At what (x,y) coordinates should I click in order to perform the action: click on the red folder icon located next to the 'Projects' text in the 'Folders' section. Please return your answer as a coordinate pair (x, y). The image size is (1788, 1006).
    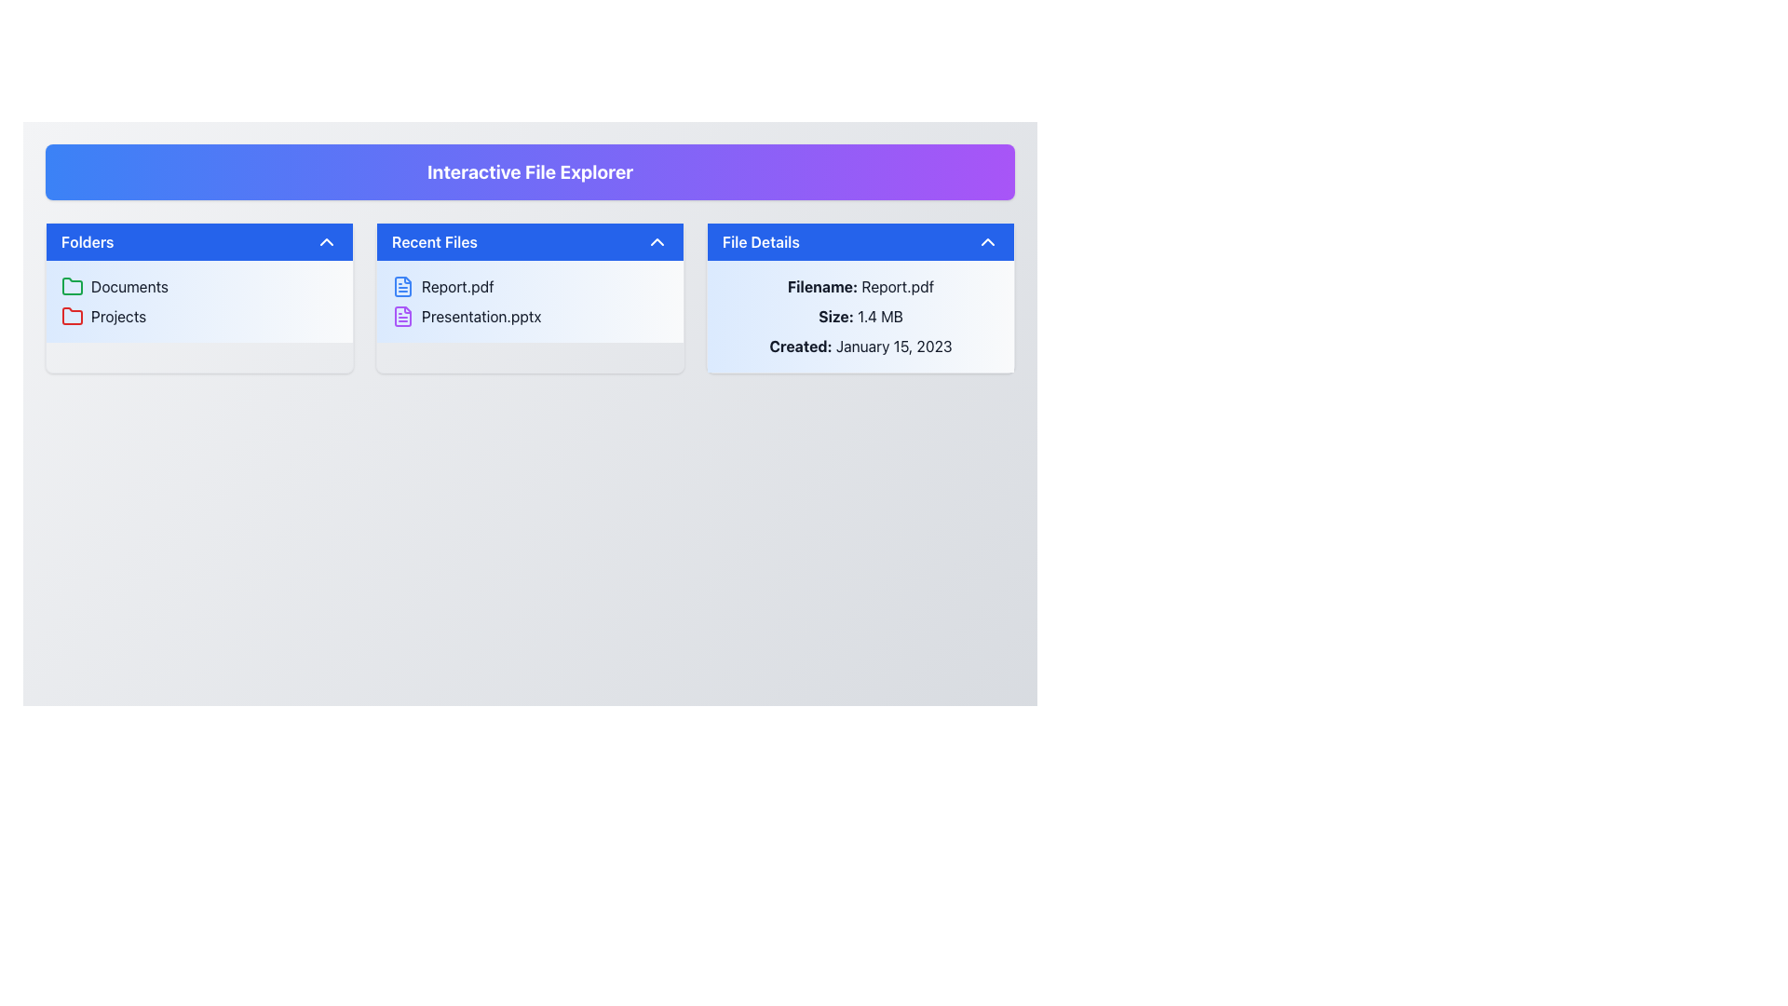
    Looking at the image, I should click on (72, 315).